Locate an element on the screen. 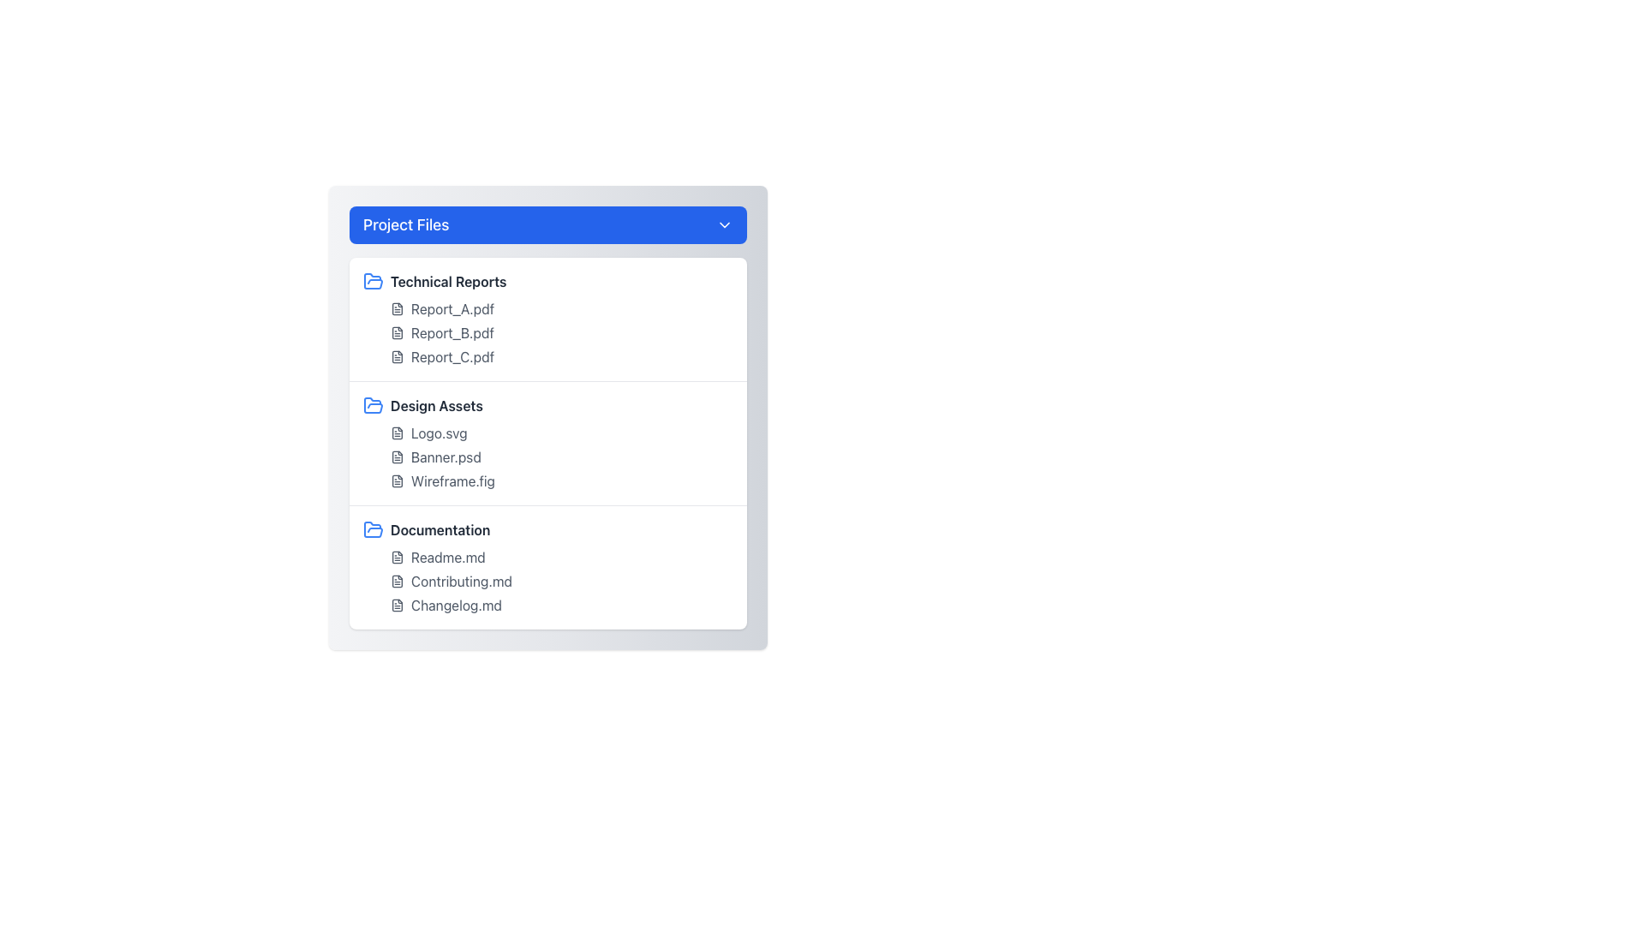  the open folder icon located to the left of the 'Documentation' text in the 'Project Files' section is located at coordinates (373, 528).